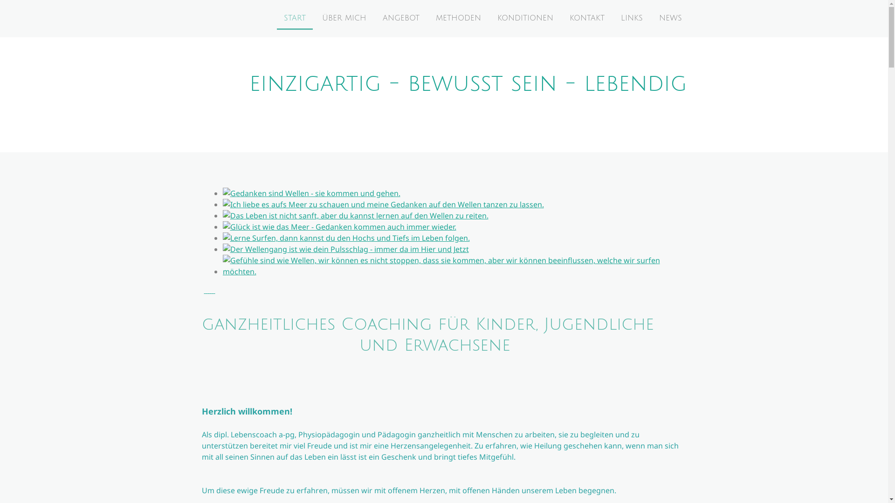  What do you see at coordinates (669, 18) in the screenshot?
I see `'NEWS'` at bounding box center [669, 18].